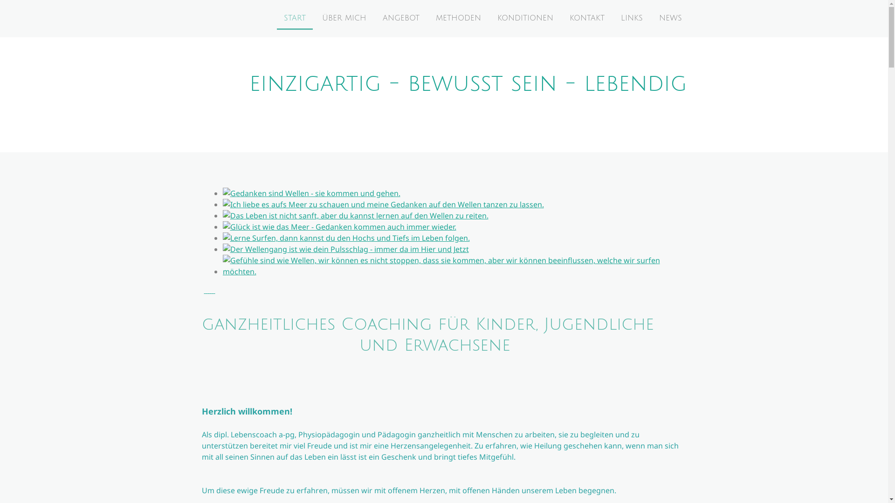  What do you see at coordinates (669, 18) in the screenshot?
I see `'NEWS'` at bounding box center [669, 18].